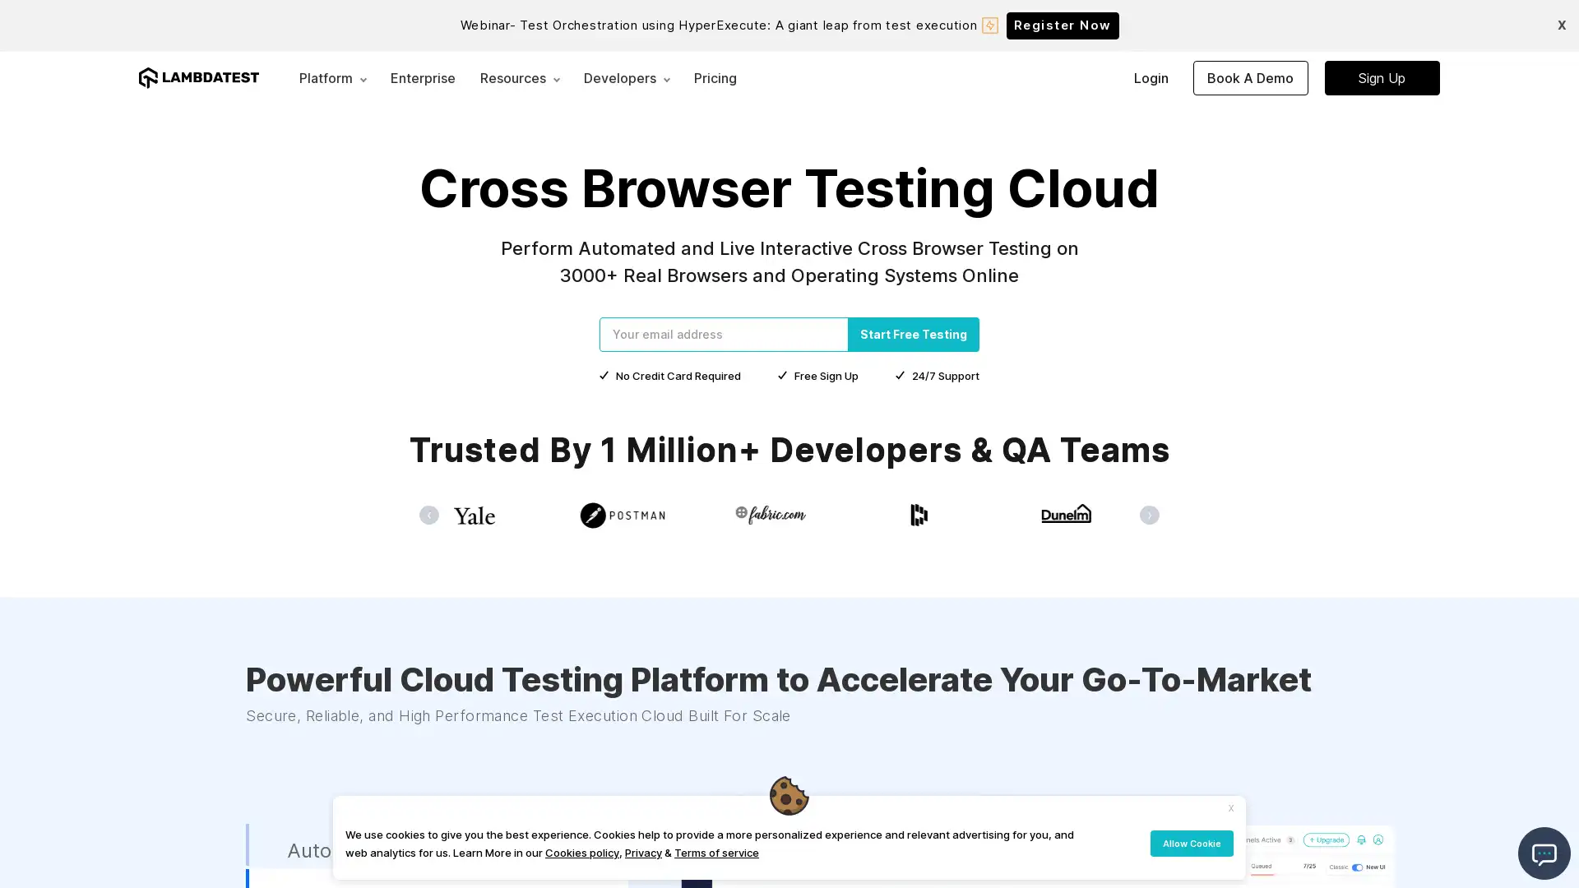  What do you see at coordinates (626, 76) in the screenshot?
I see `Developers` at bounding box center [626, 76].